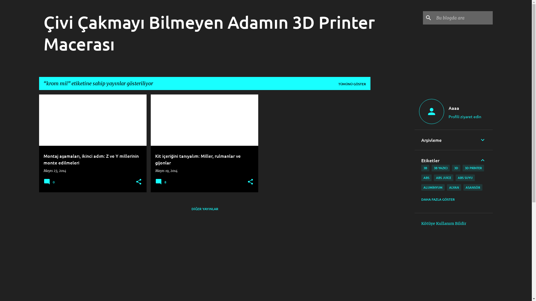  Describe the element at coordinates (456, 168) in the screenshot. I see `'3D'` at that location.